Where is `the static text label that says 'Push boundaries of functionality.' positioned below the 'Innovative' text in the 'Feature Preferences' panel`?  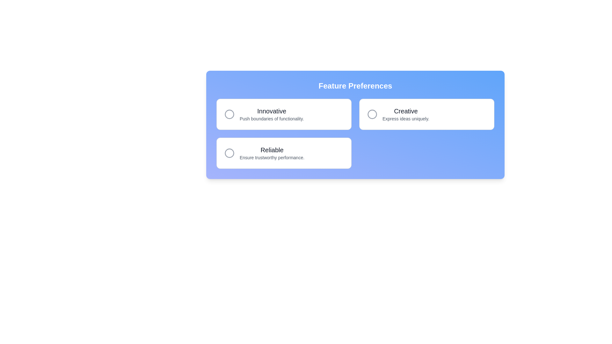
the static text label that says 'Push boundaries of functionality.' positioned below the 'Innovative' text in the 'Feature Preferences' panel is located at coordinates (272, 119).